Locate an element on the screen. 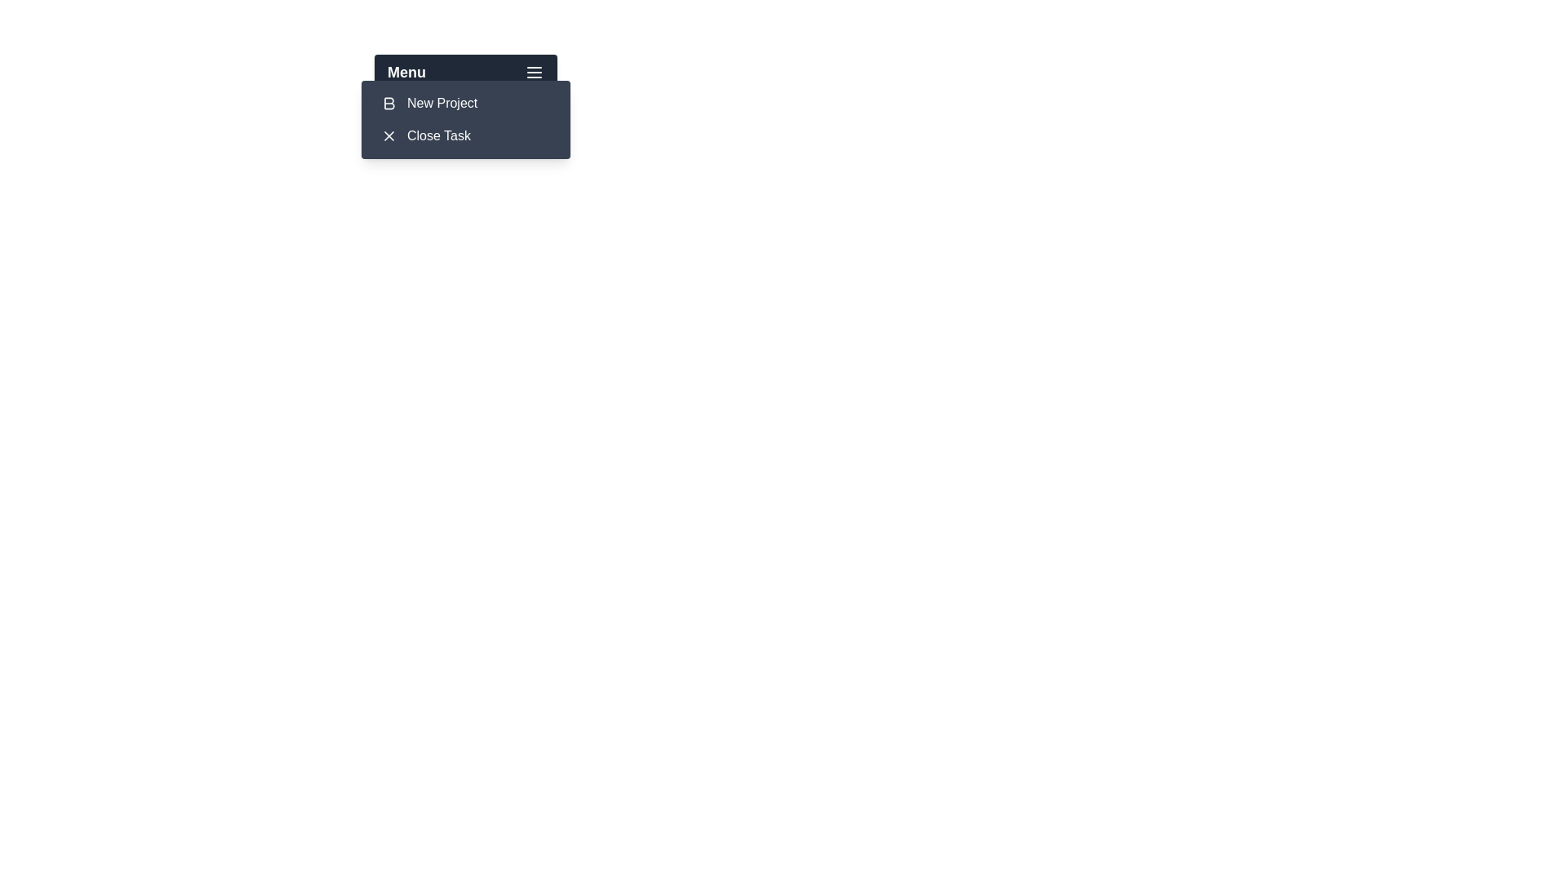 This screenshot has width=1567, height=881. the 'Close Task' text label located in the dropdown menu below the 'Menu' header, adjacent to the 'X' icon is located at coordinates (438, 135).